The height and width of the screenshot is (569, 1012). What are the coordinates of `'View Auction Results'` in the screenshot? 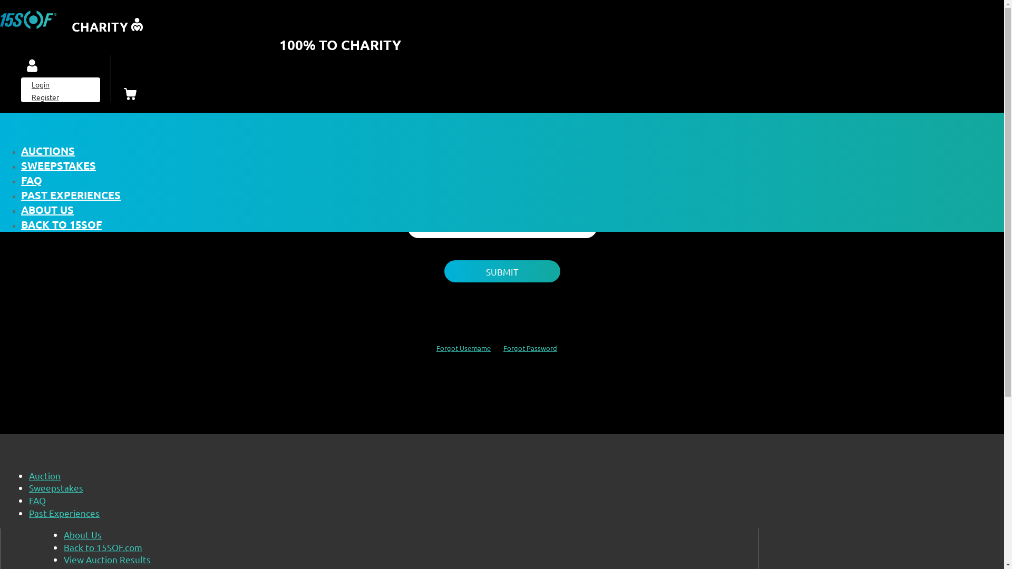 It's located at (107, 558).